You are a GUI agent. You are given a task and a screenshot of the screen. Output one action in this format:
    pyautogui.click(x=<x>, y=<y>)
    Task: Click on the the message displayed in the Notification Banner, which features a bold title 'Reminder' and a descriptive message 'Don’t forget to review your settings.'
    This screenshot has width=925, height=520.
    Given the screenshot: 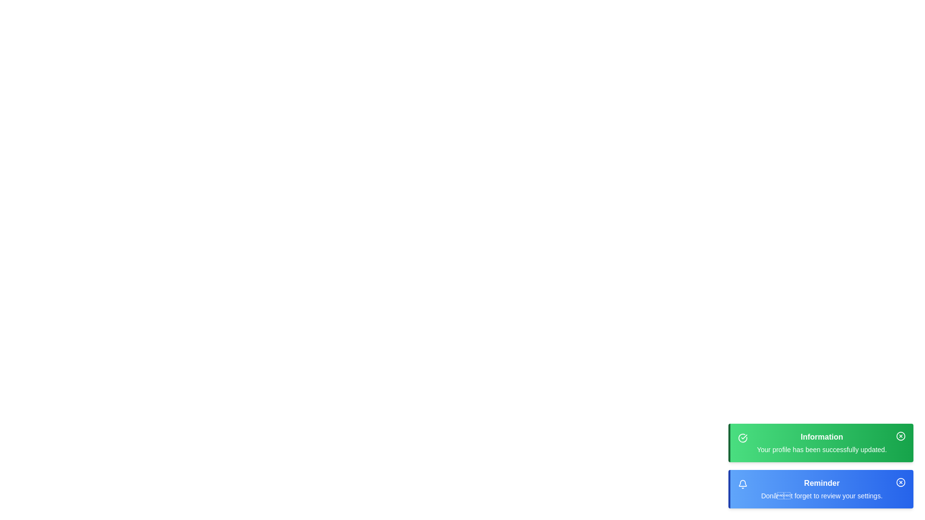 What is the action you would take?
    pyautogui.click(x=821, y=489)
    